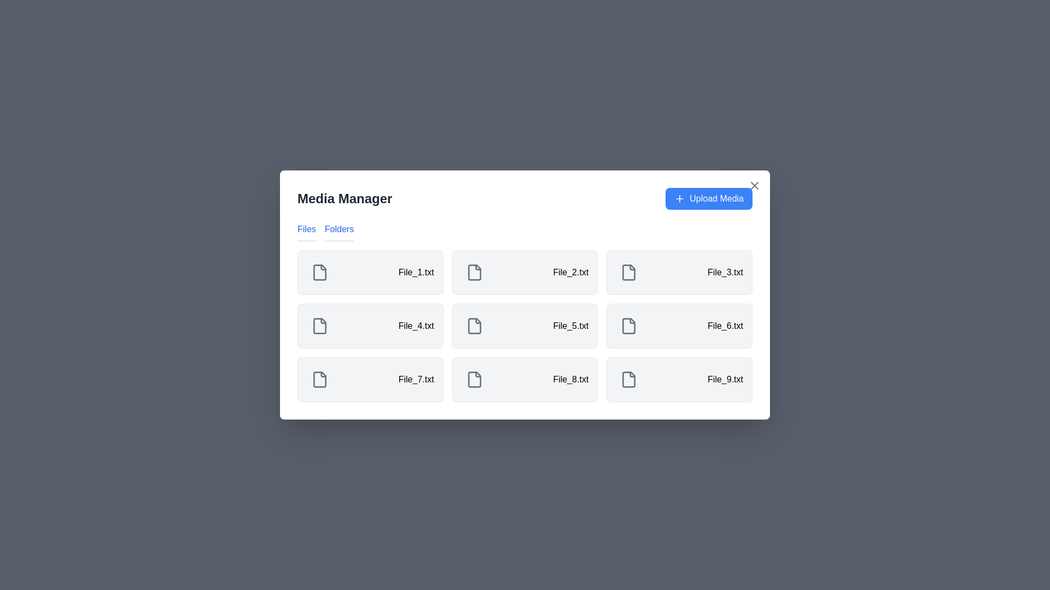 This screenshot has height=590, width=1050. Describe the element at coordinates (629, 379) in the screenshot. I see `the file icon located in the second column of the last row, adjacent to the label 'File_9.txt'` at that location.